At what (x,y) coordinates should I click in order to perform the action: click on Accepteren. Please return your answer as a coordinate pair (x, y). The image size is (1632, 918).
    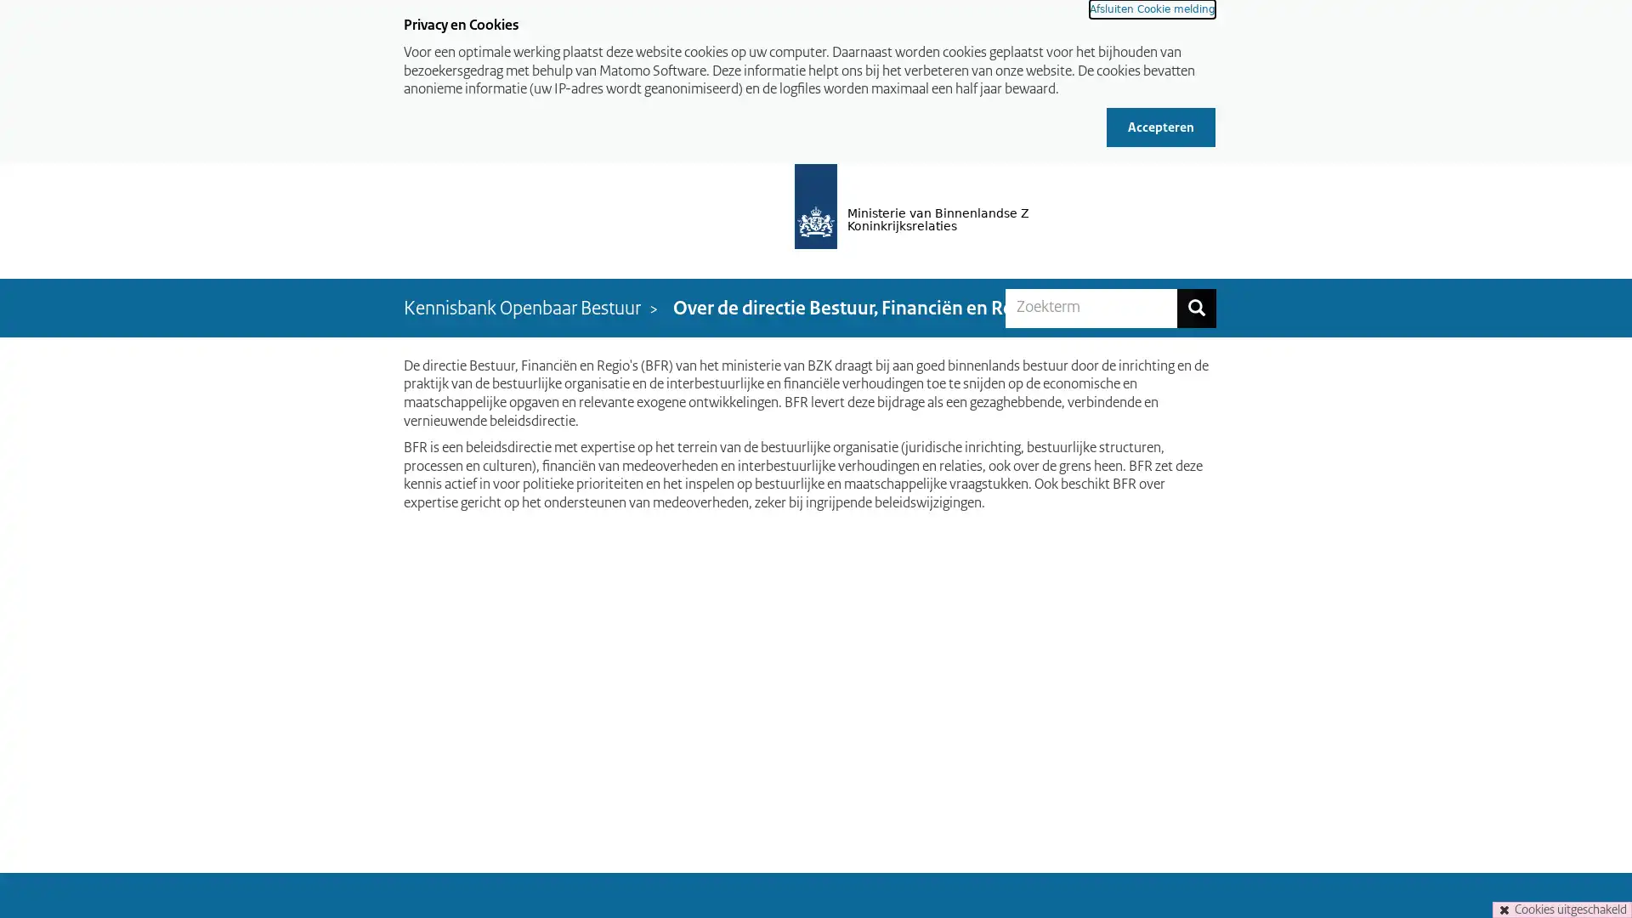
    Looking at the image, I should click on (1160, 126).